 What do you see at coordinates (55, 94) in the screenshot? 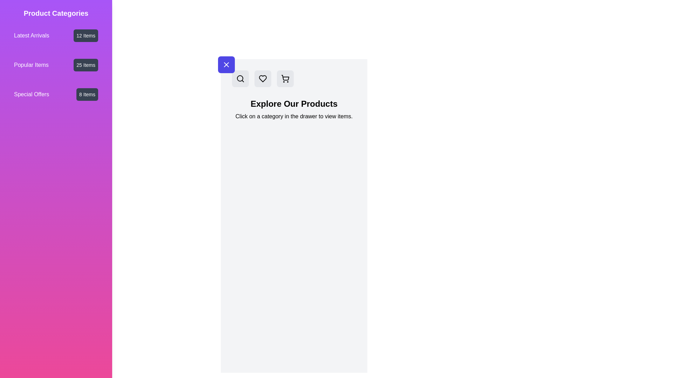
I see `the category item Special Offers` at bounding box center [55, 94].